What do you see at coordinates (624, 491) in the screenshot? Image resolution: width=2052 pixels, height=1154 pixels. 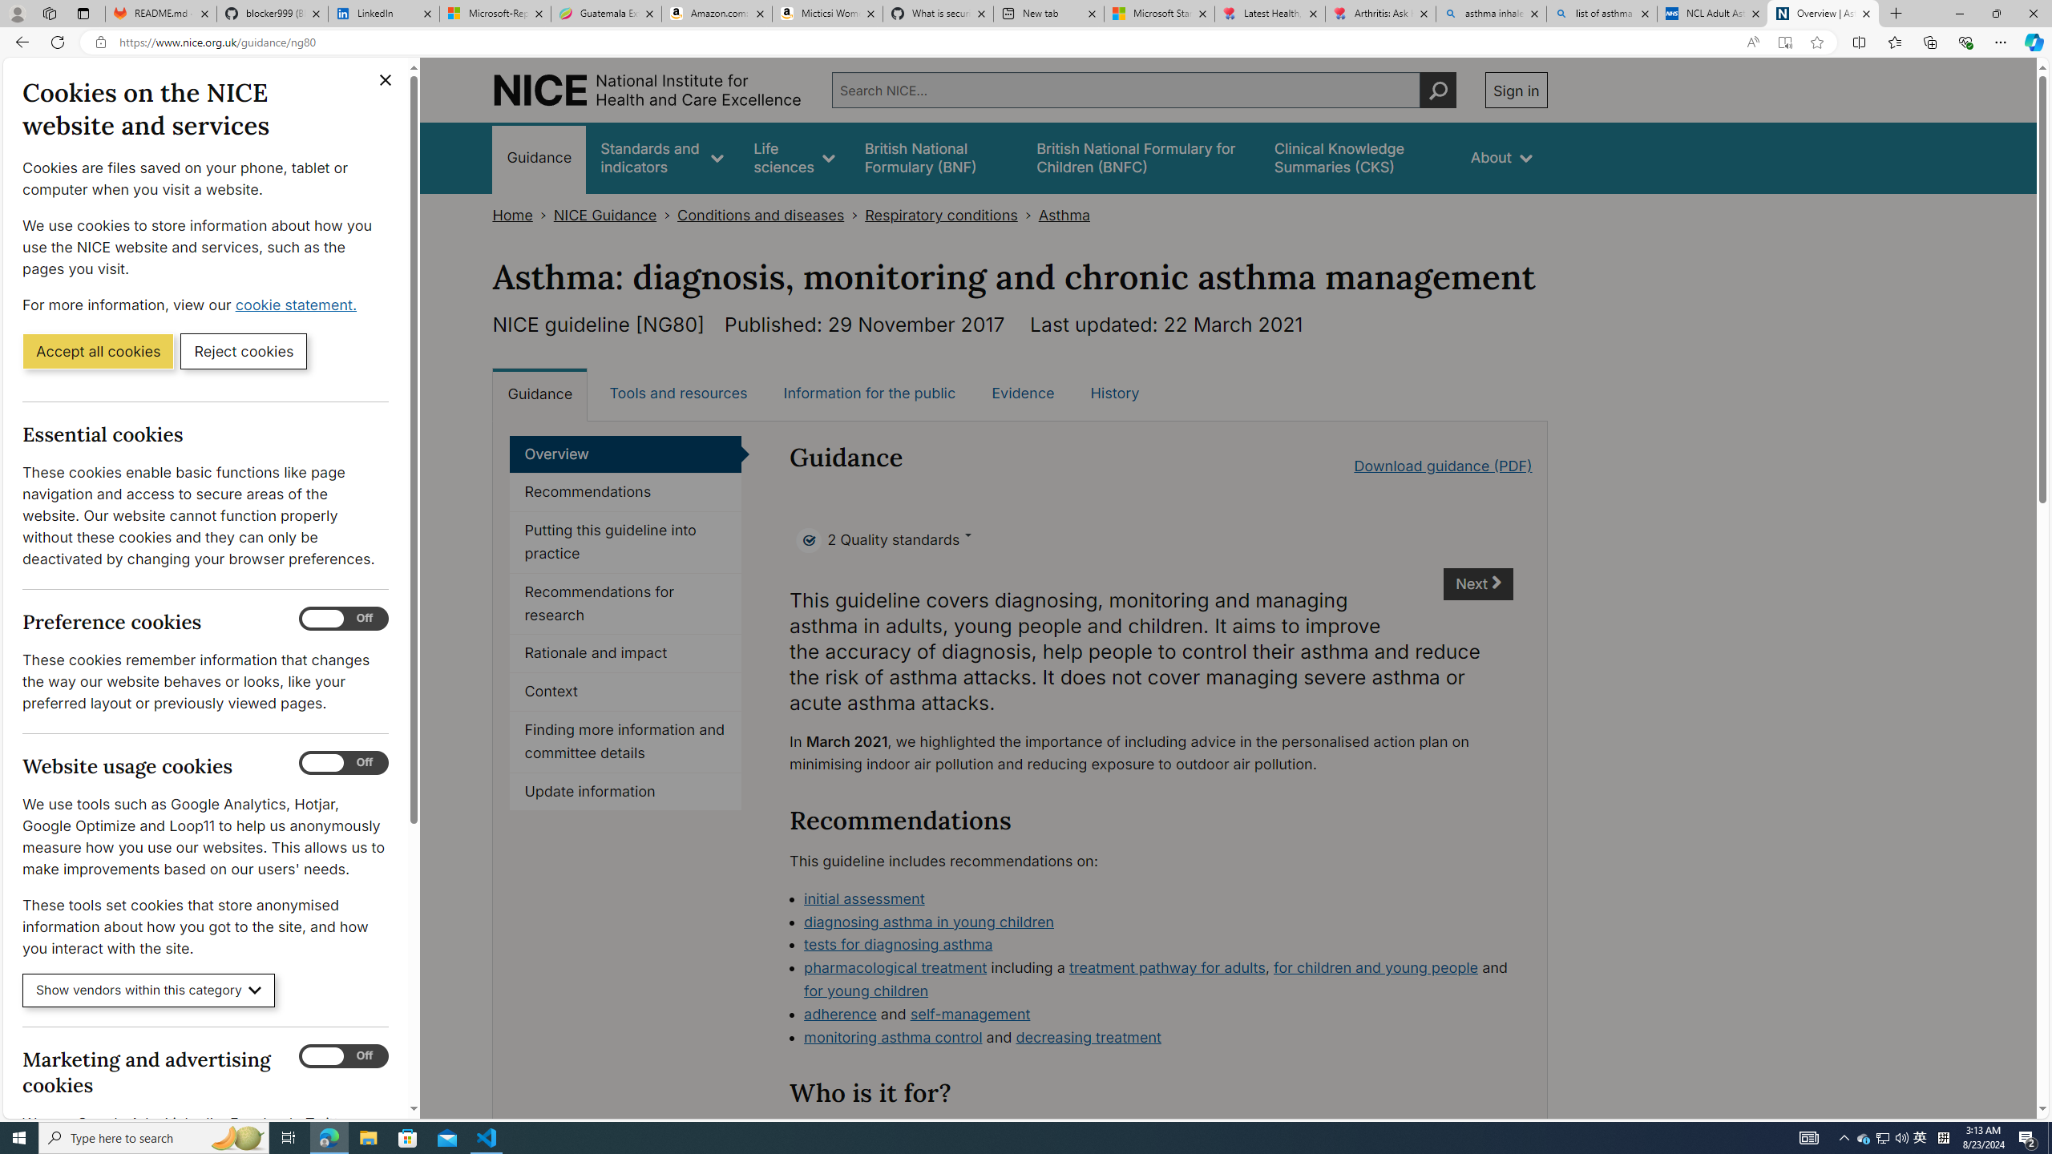 I see `'Recommendations'` at bounding box center [624, 491].